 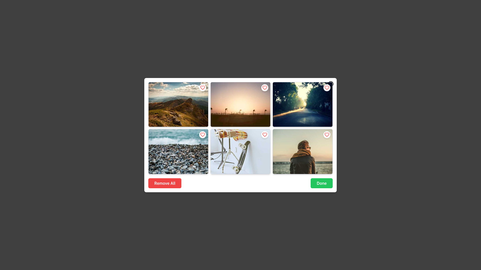 I want to click on the favorite icon button located at the top-right corner of the first image in the grid layout, so click(x=203, y=87).